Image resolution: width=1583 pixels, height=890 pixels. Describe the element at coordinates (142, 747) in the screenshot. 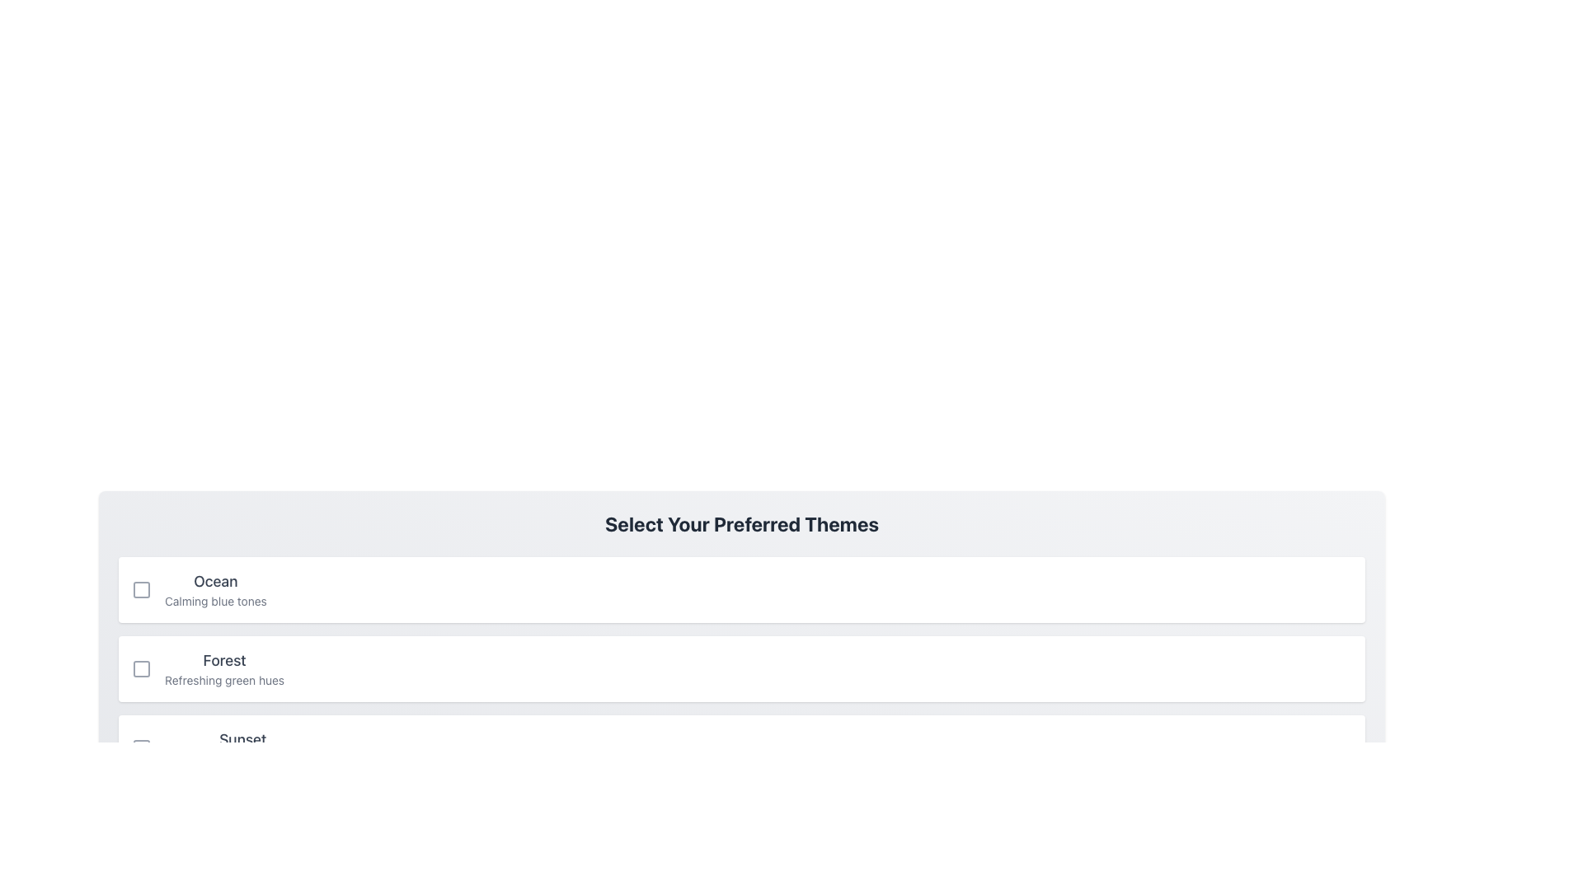

I see `the small gray outlined square with rounded corners located next to the 'Sunset' label to trigger a tooltip or highlight effect` at that location.